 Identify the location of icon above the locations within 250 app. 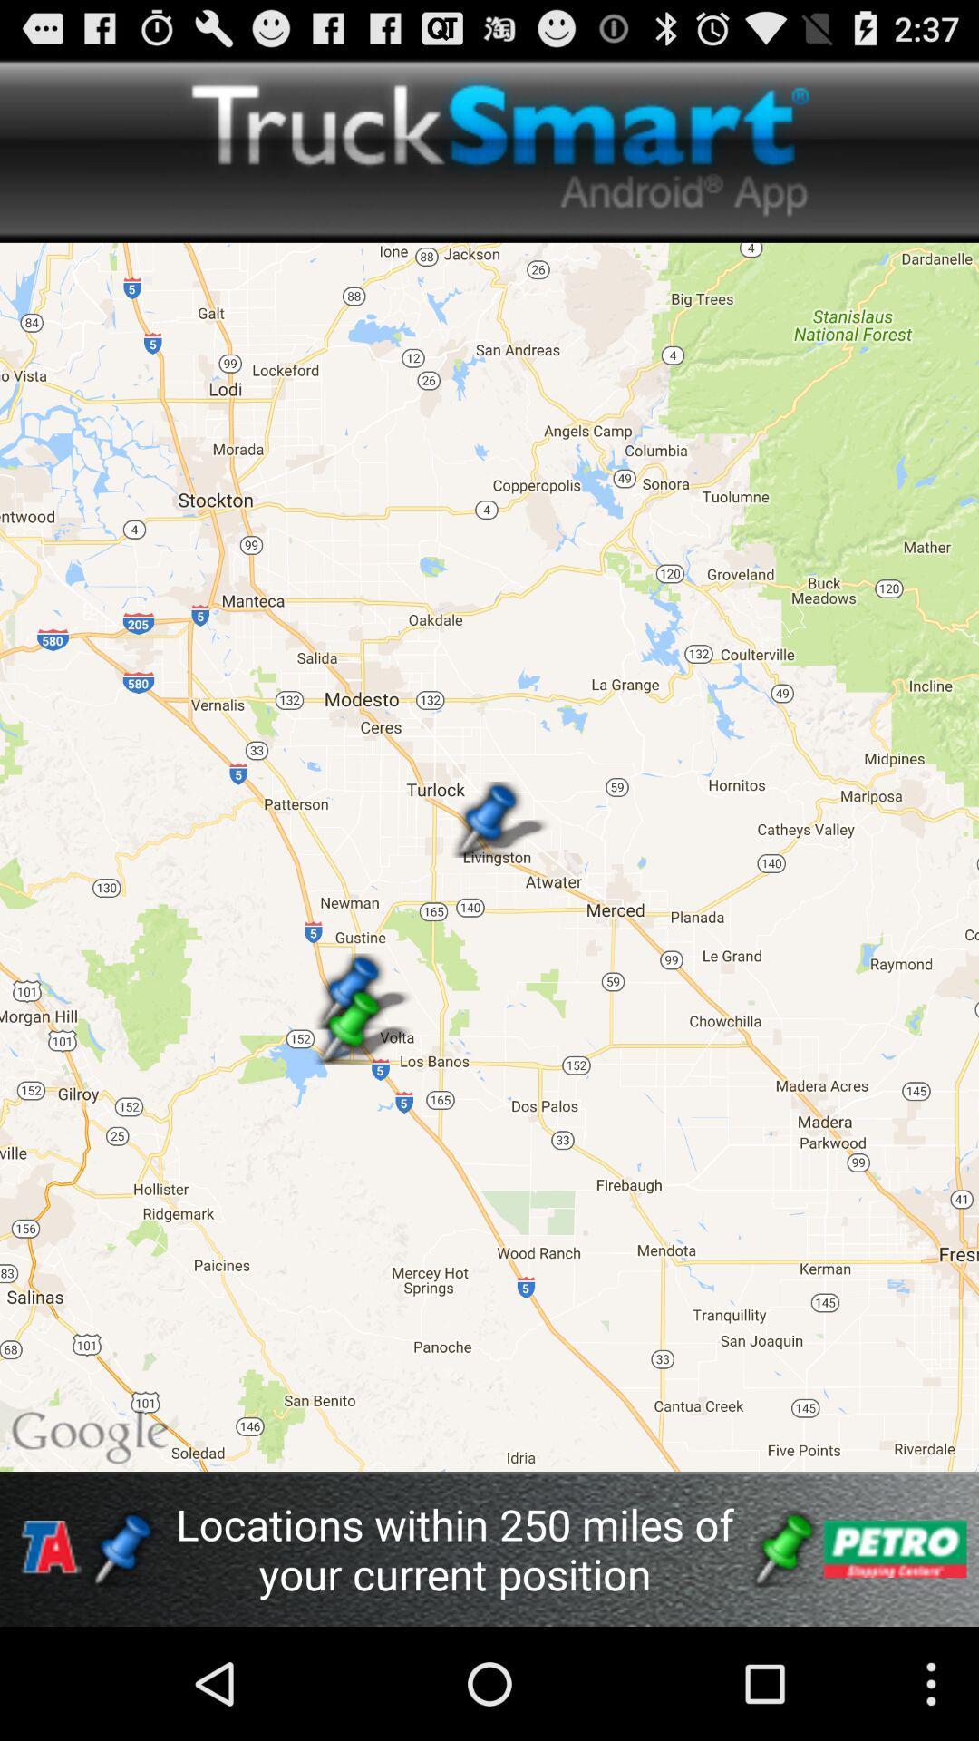
(489, 856).